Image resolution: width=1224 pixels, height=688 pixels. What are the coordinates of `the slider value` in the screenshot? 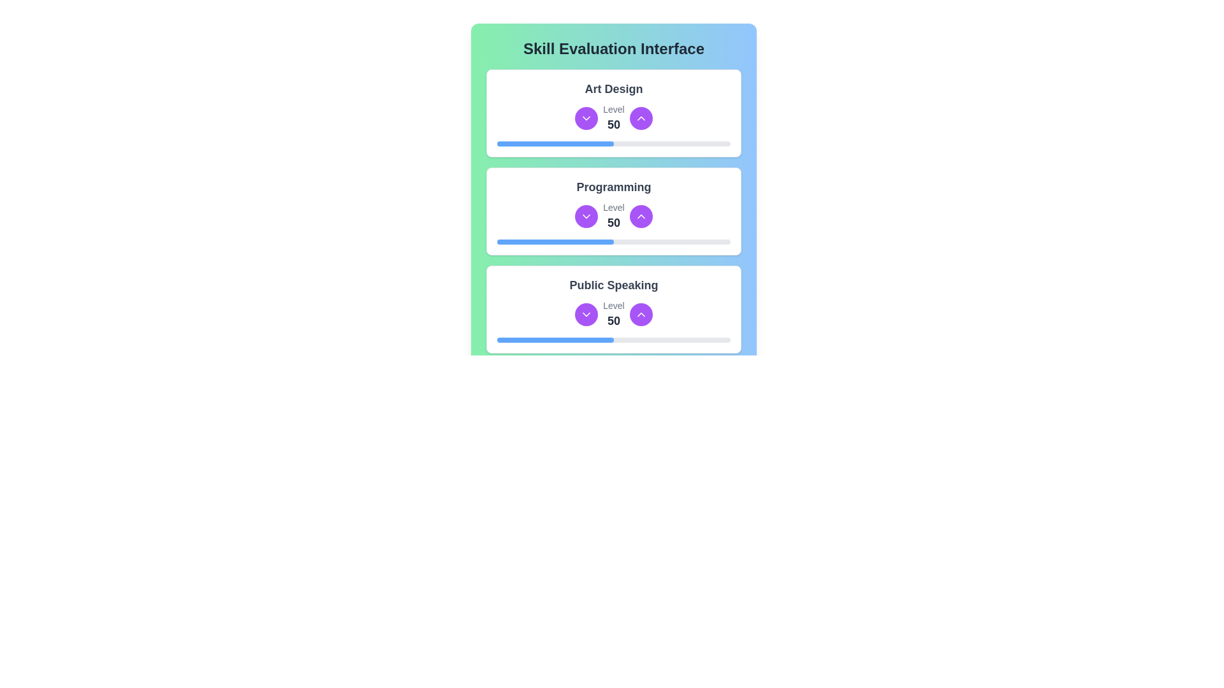 It's located at (501, 339).